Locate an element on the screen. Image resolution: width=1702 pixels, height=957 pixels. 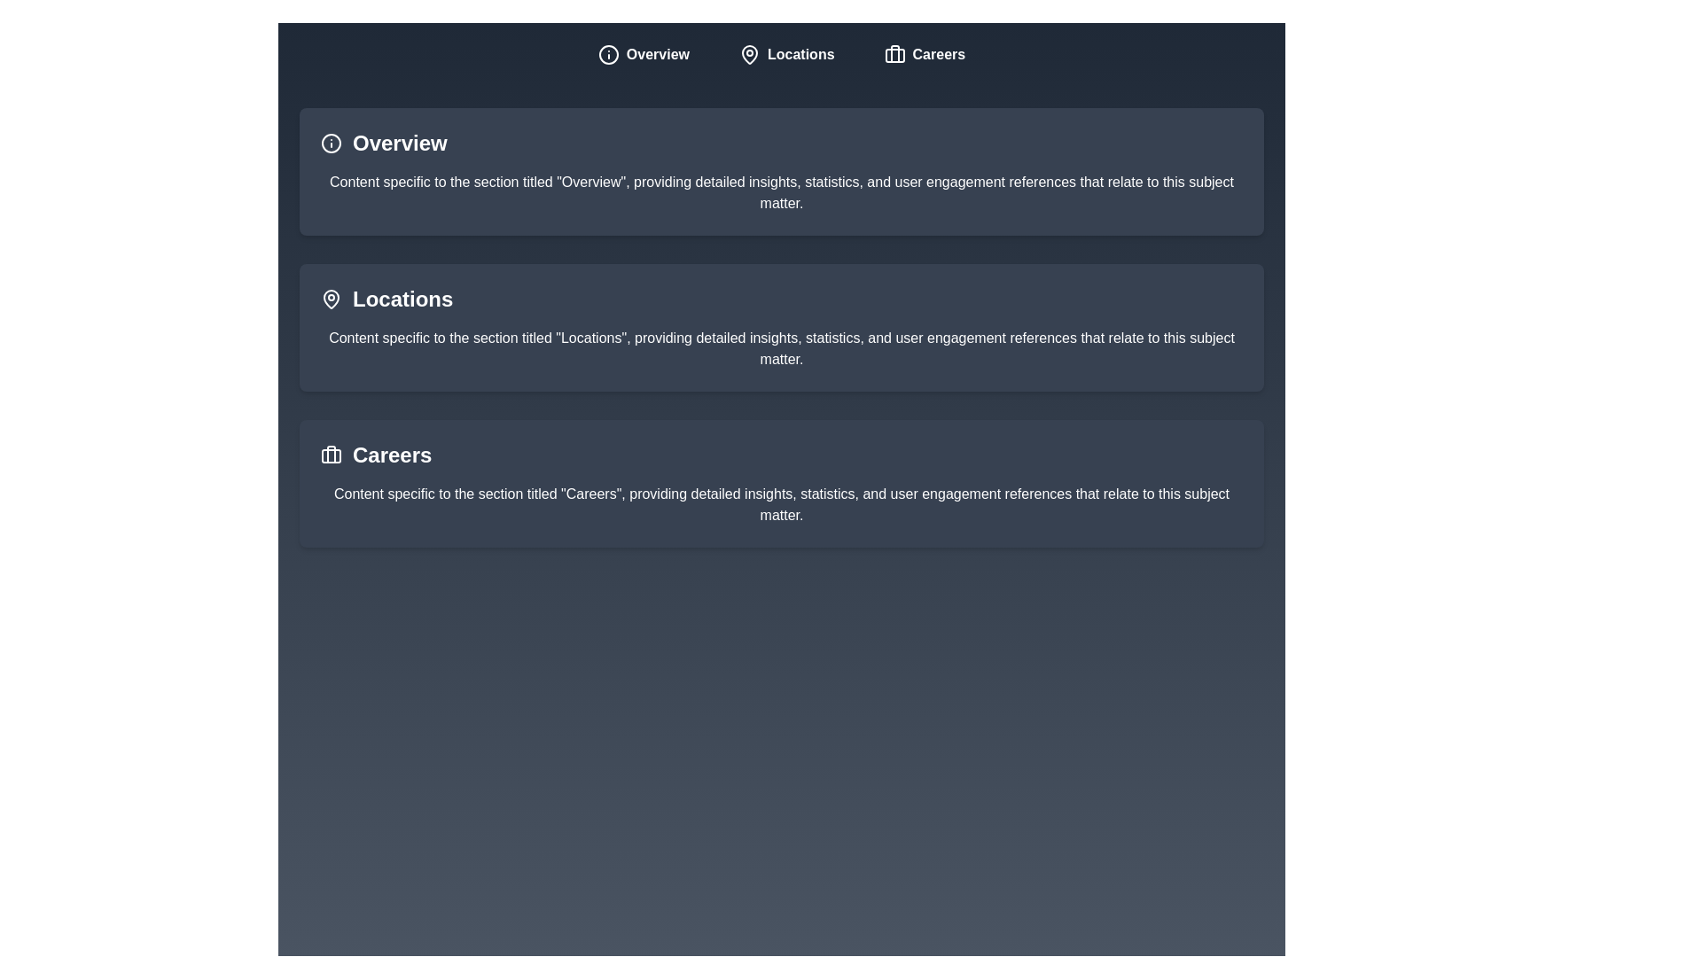
the bold text label 'Overview' which is prominently displayed in white against a dark background is located at coordinates (399, 143).